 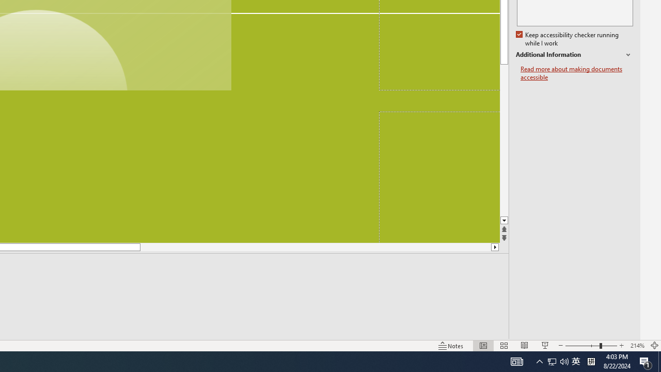 I want to click on 'Additional Information', so click(x=574, y=55).